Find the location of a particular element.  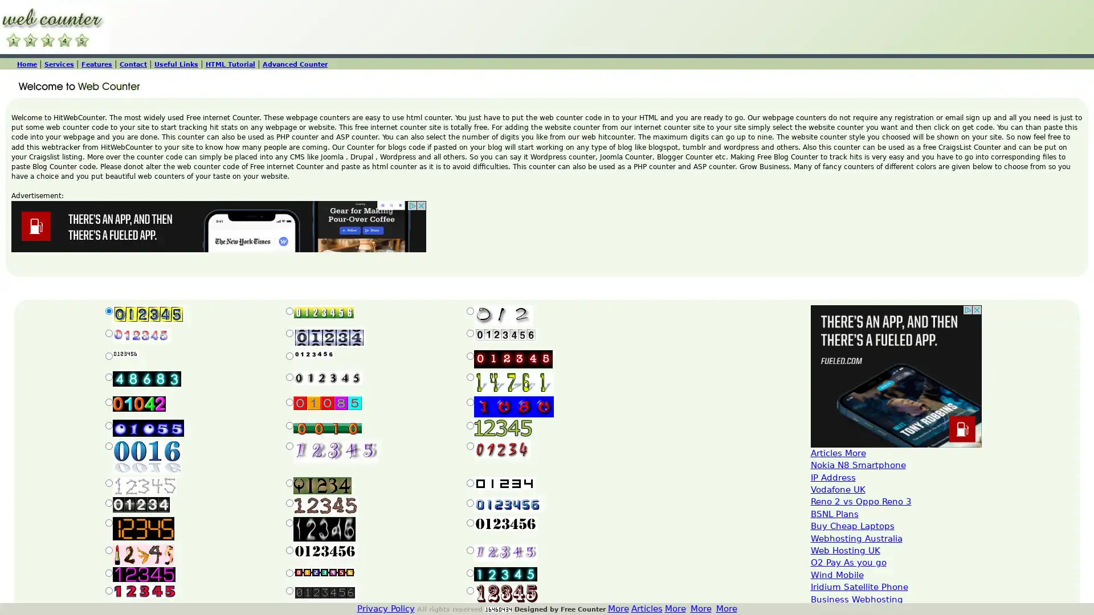

Submit is located at coordinates (313, 353).